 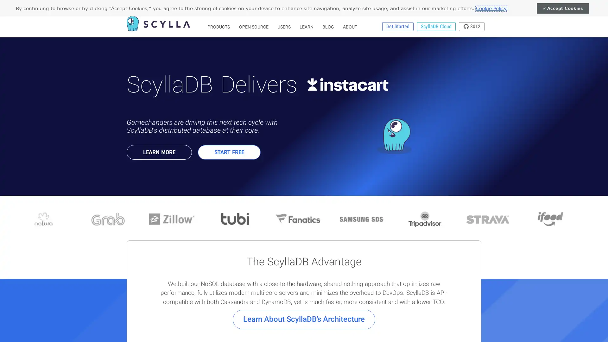 I want to click on START FREE, so click(x=229, y=152).